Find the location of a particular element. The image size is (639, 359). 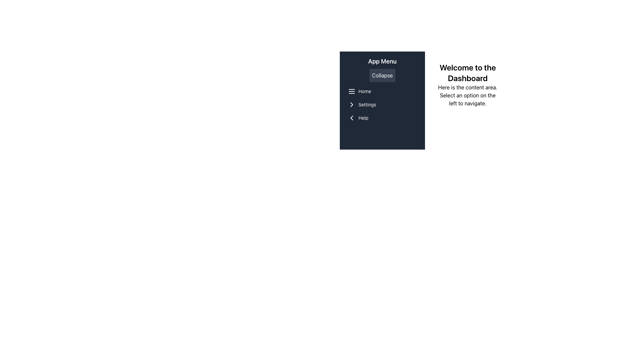

the second item in the navigation menu, which allows access to settings-related functionalities is located at coordinates (382, 105).